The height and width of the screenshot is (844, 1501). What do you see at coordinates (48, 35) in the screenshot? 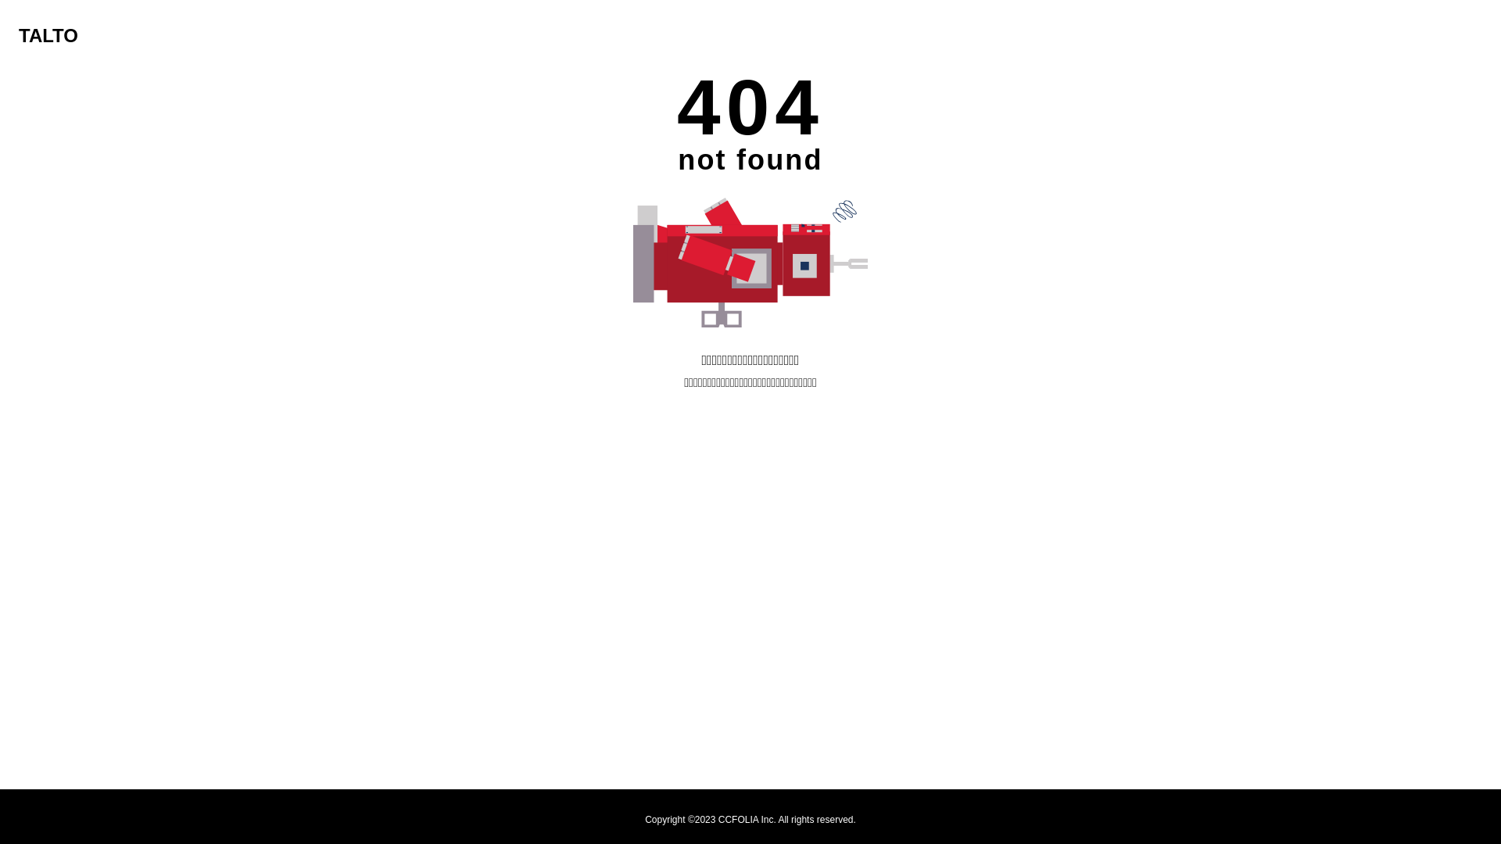
I see `'TALTO'` at bounding box center [48, 35].